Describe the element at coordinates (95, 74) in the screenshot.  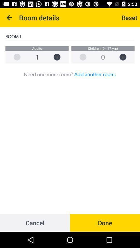
I see `the add another room. icon` at that location.